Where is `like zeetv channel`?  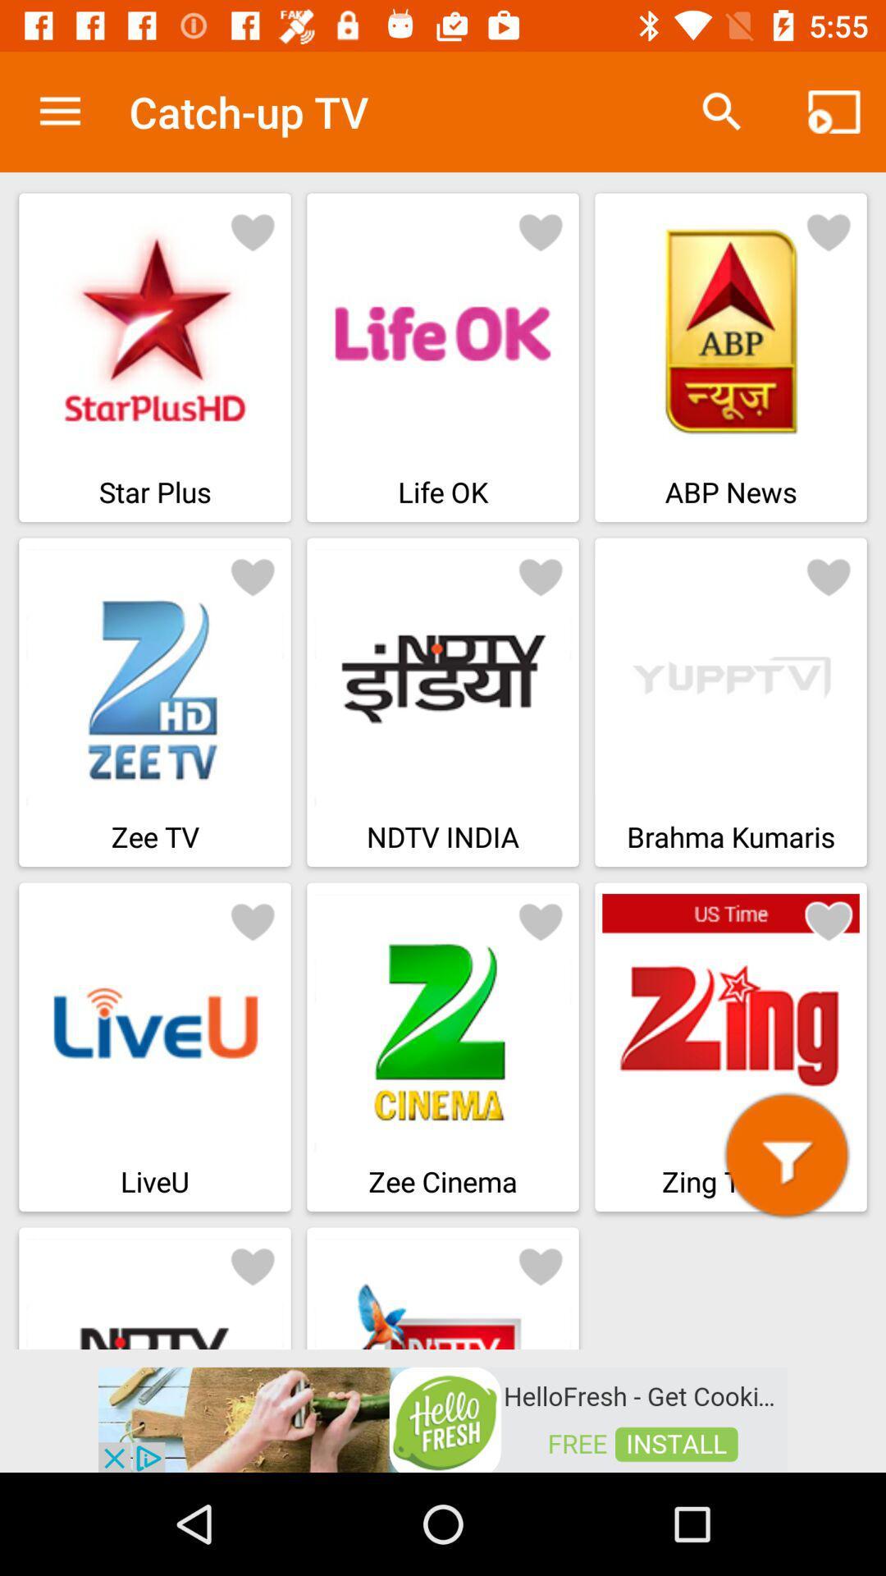
like zeetv channel is located at coordinates (253, 575).